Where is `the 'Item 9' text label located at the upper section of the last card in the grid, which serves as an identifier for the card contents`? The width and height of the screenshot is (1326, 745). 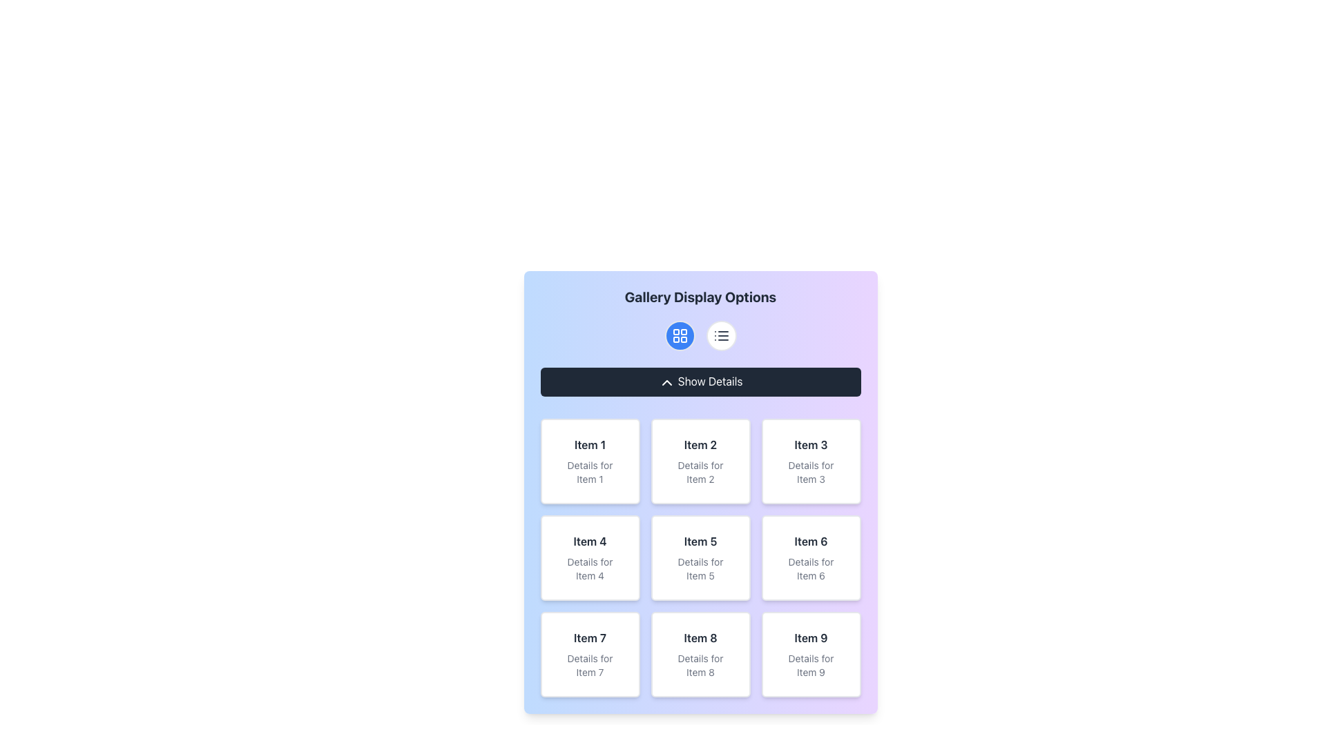
the 'Item 9' text label located at the upper section of the last card in the grid, which serves as an identifier for the card contents is located at coordinates (811, 637).